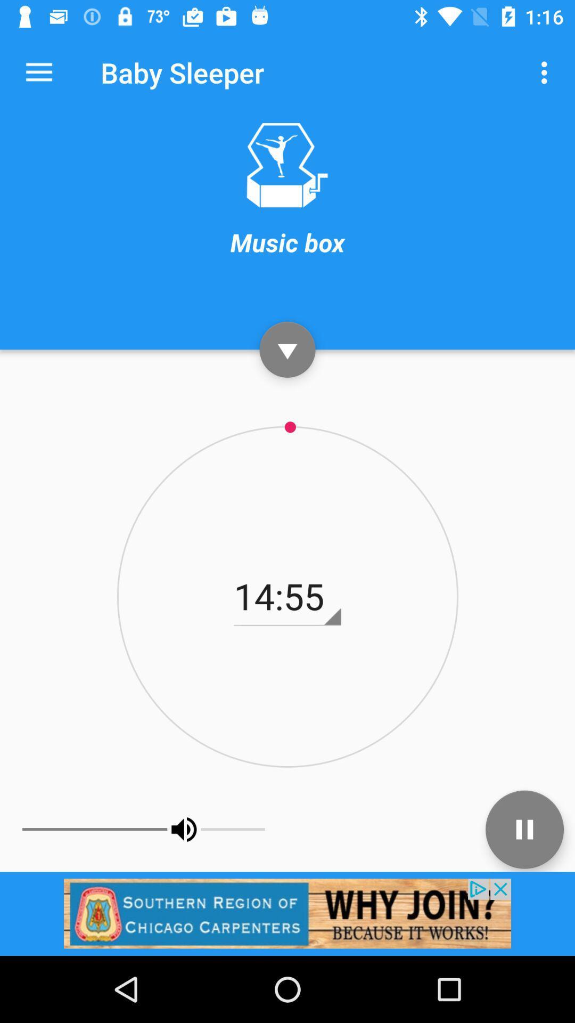 The height and width of the screenshot is (1023, 575). Describe the element at coordinates (524, 829) in the screenshot. I see `the pause icon` at that location.